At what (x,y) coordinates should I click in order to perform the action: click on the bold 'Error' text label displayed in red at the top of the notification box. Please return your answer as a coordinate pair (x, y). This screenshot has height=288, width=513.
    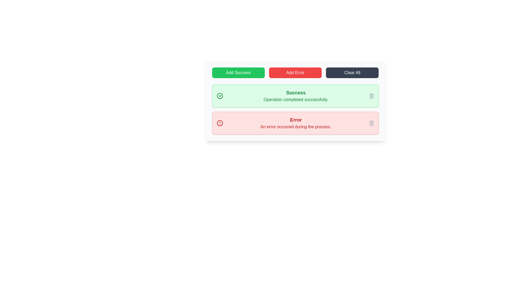
    Looking at the image, I should click on (296, 120).